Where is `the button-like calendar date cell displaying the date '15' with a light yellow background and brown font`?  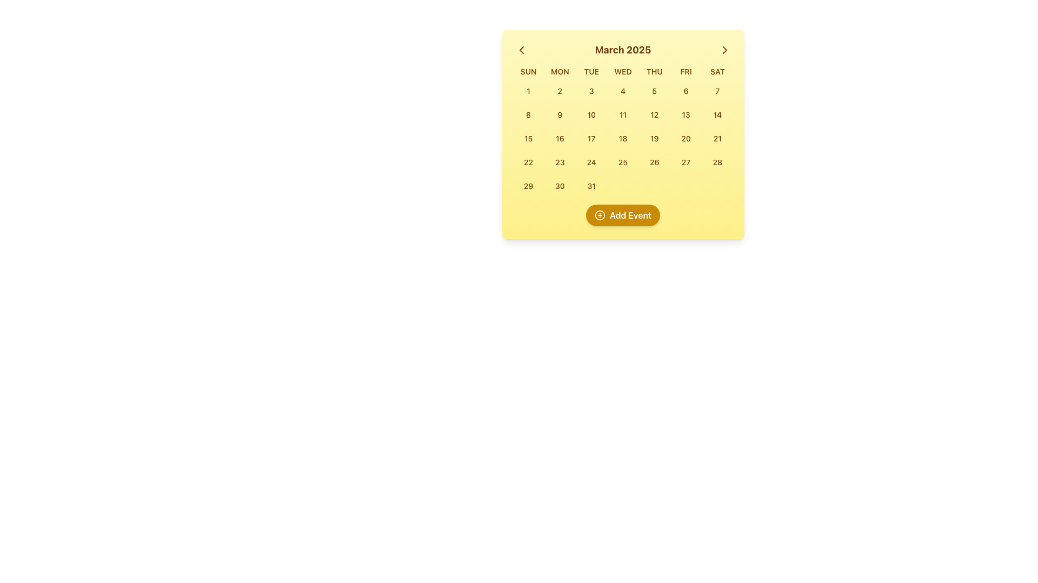
the button-like calendar date cell displaying the date '15' with a light yellow background and brown font is located at coordinates (528, 138).